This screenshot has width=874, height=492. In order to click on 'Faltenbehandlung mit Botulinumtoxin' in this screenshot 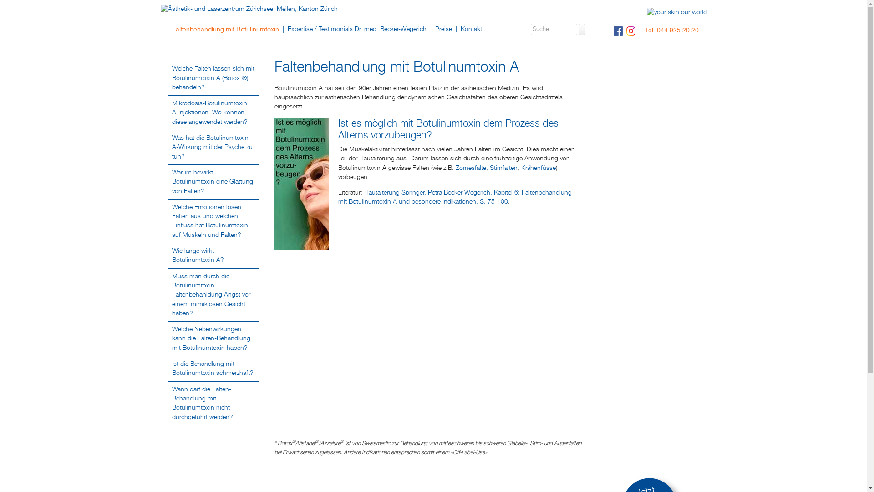, I will do `click(226, 29)`.